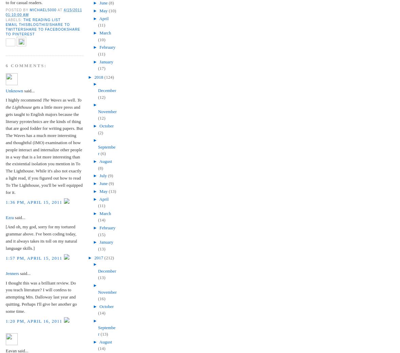 This screenshot has height=353, width=400. I want to click on 'The Waves', so click(42, 100).